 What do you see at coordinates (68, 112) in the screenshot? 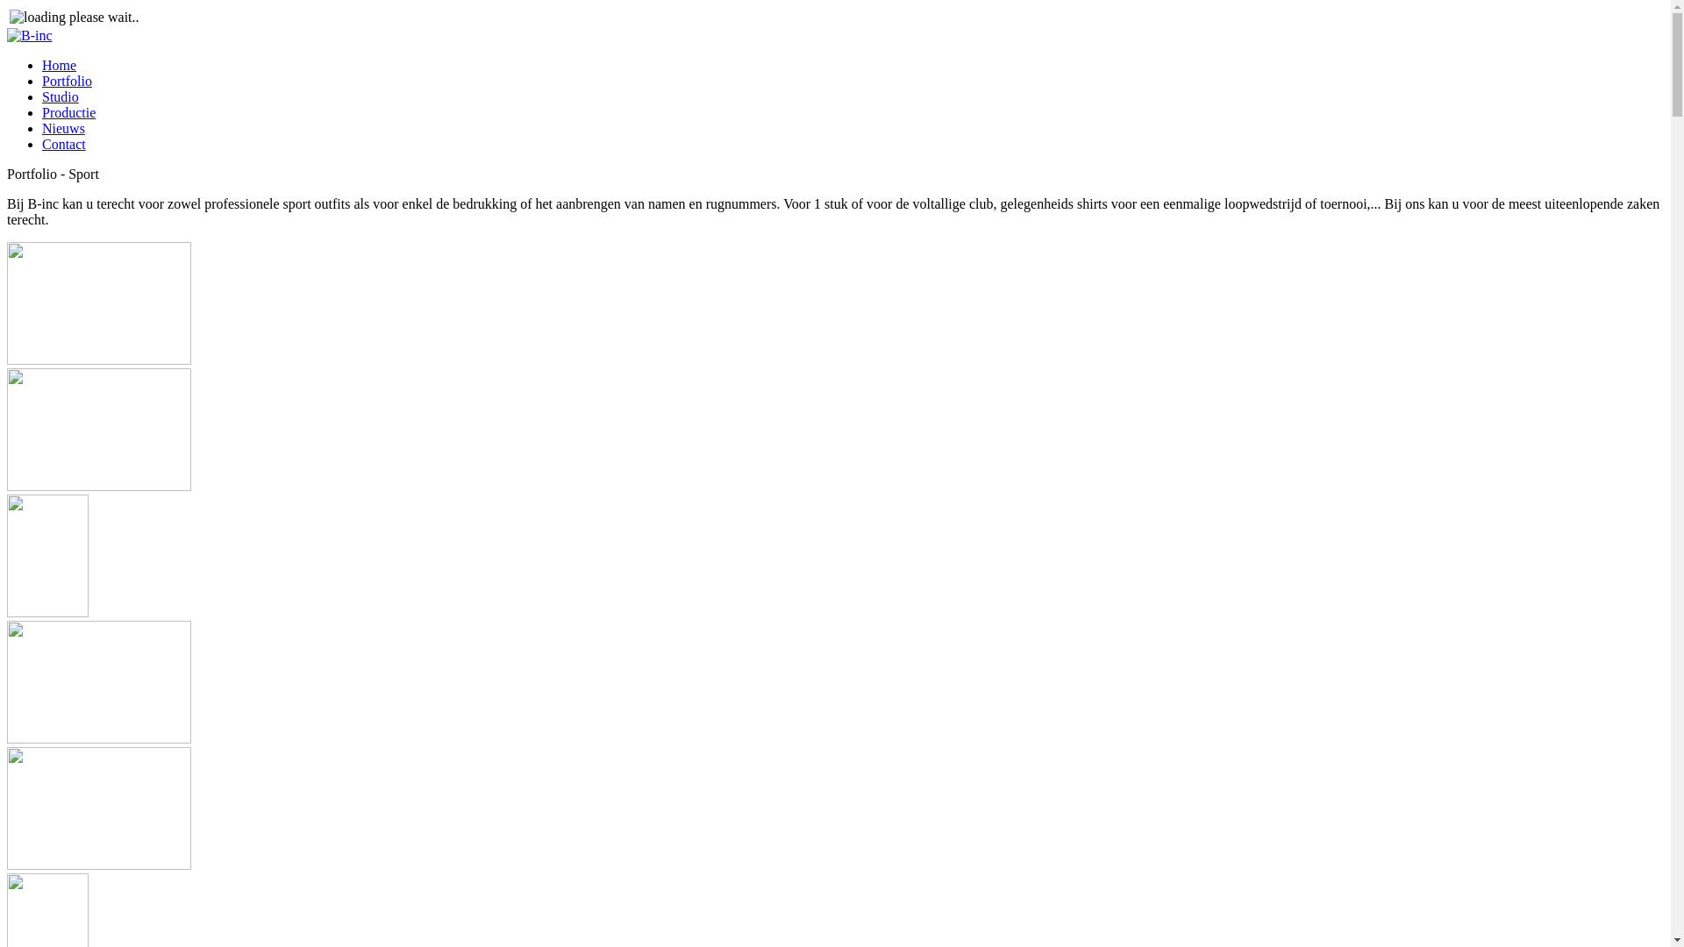
I see `'Productie'` at bounding box center [68, 112].